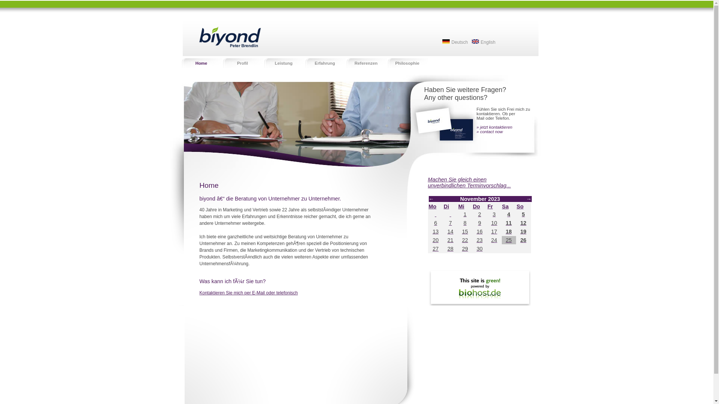 The width and height of the screenshot is (719, 404). I want to click on 'Kontaktieren Sie mich per E-Mail oder telefonisch', so click(248, 293).